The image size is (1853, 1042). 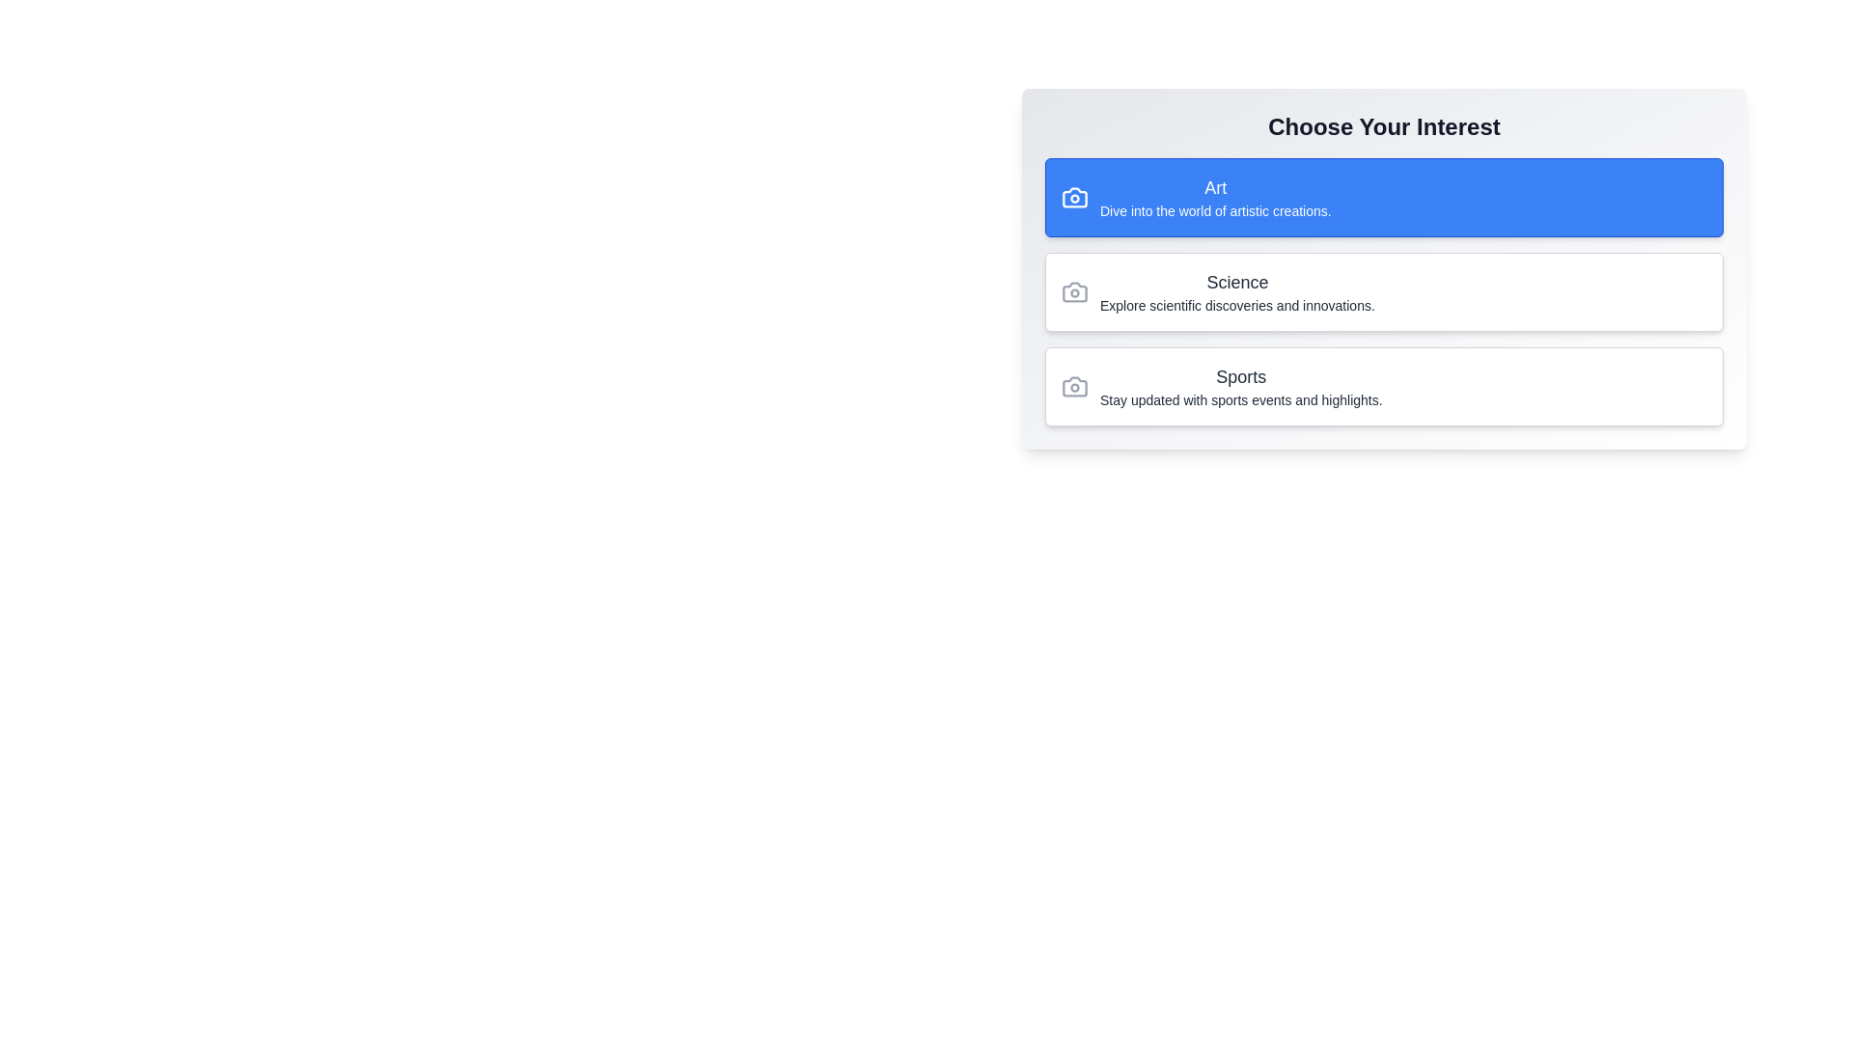 What do you see at coordinates (1073, 197) in the screenshot?
I see `the camera icon located on the left side of the 'Art' option in the 'Choose Your Interest' selection list` at bounding box center [1073, 197].